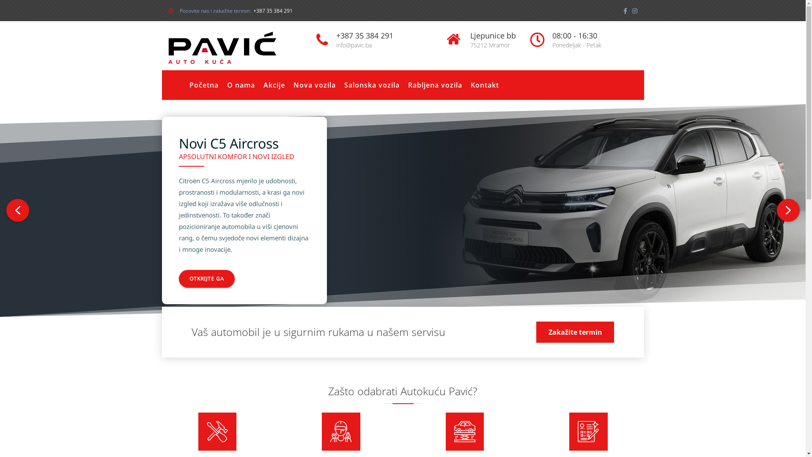  Describe the element at coordinates (314, 85) in the screenshot. I see `'Nova vozila'` at that location.